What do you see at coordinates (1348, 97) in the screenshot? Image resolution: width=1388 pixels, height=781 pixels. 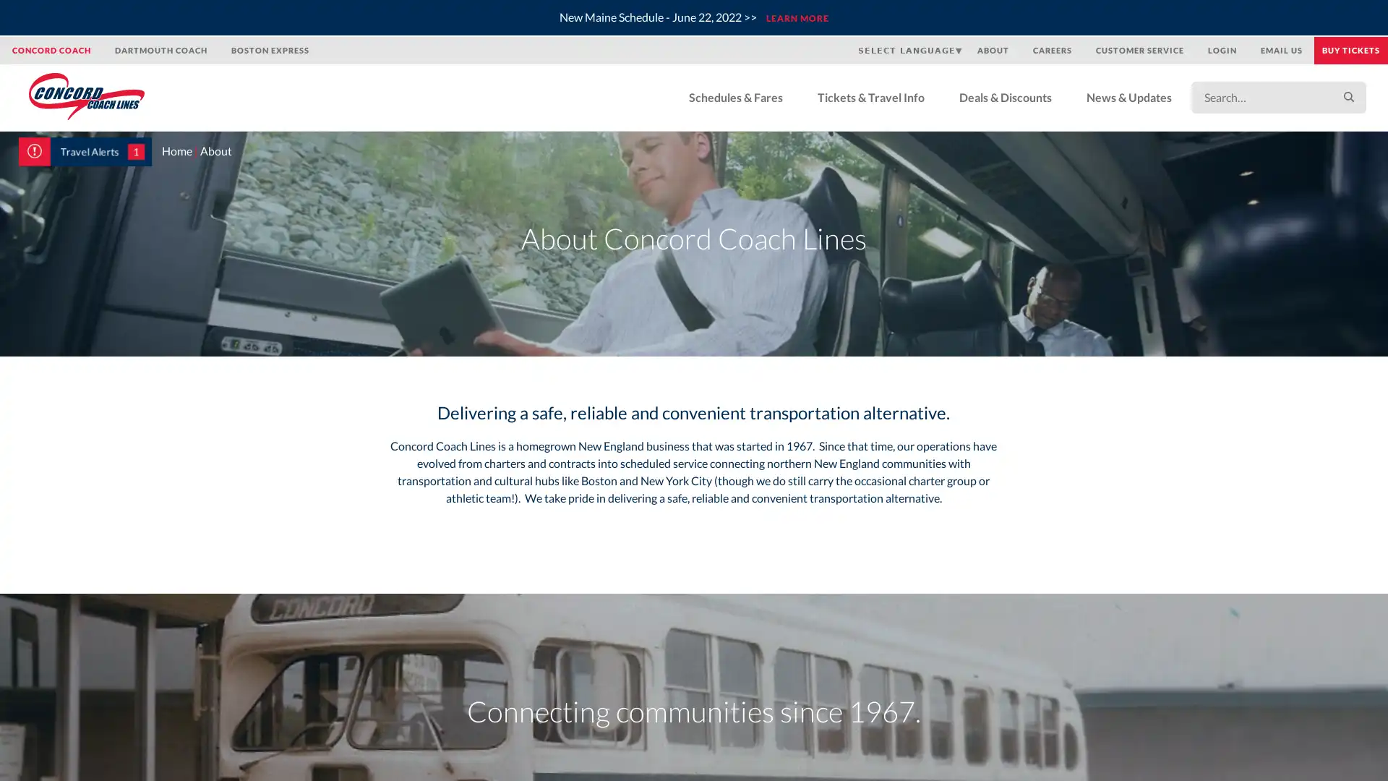 I see `Search` at bounding box center [1348, 97].